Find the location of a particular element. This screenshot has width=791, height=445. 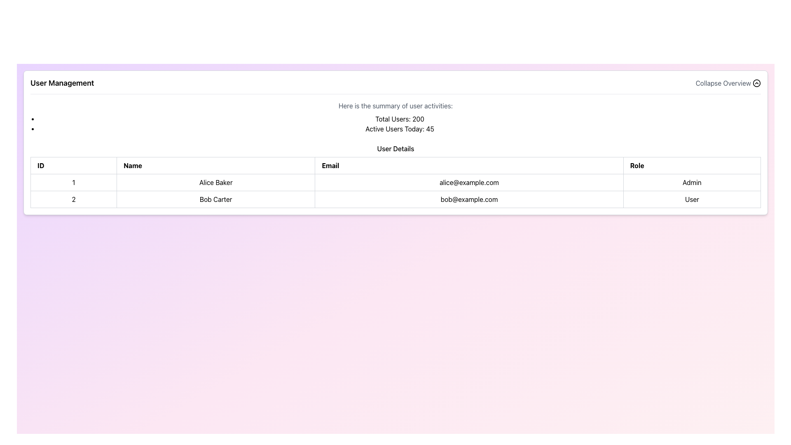

the 'User Details' text element, which serves as a header for the user data table, positioned above it and centered horizontally is located at coordinates (395, 149).